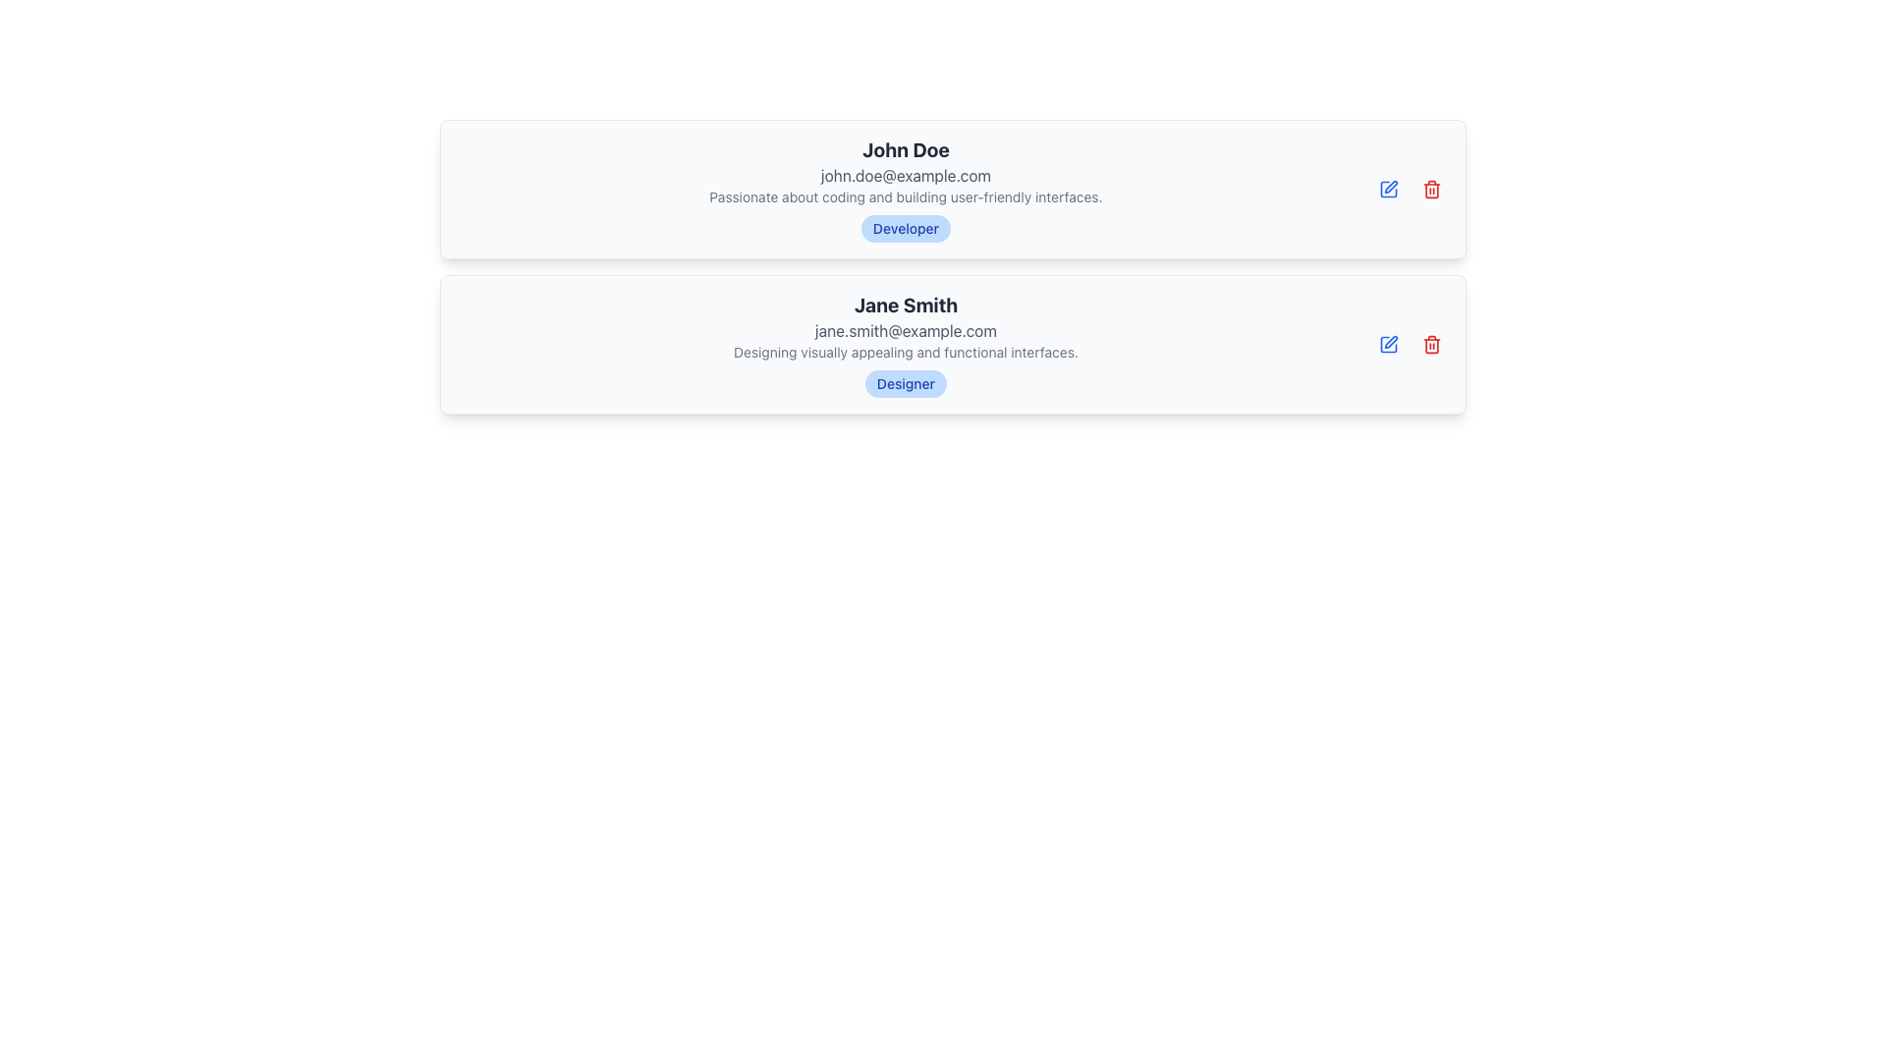 The image size is (1886, 1061). Describe the element at coordinates (905, 174) in the screenshot. I see `email address displayed in gray text, 'john.doe@example.com', which is located below the name 'John Doe' and above descriptive text` at that location.